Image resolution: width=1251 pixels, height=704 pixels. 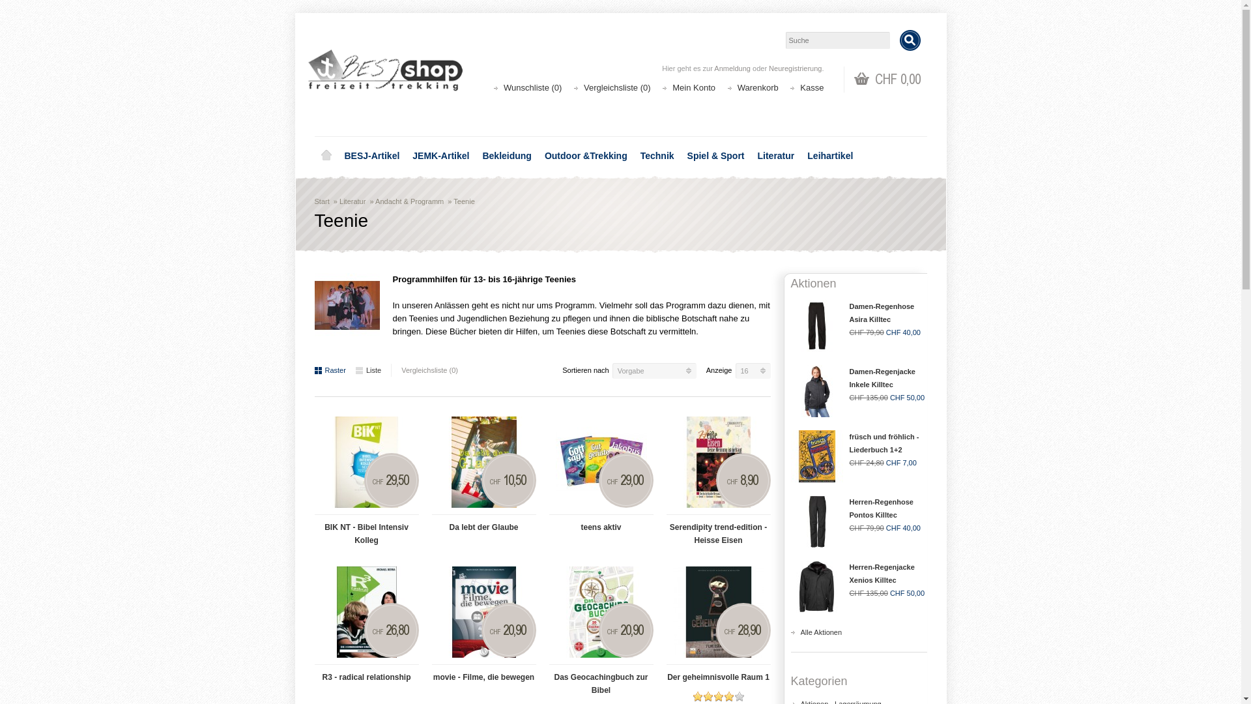 I want to click on 'Literatur', so click(x=352, y=201).